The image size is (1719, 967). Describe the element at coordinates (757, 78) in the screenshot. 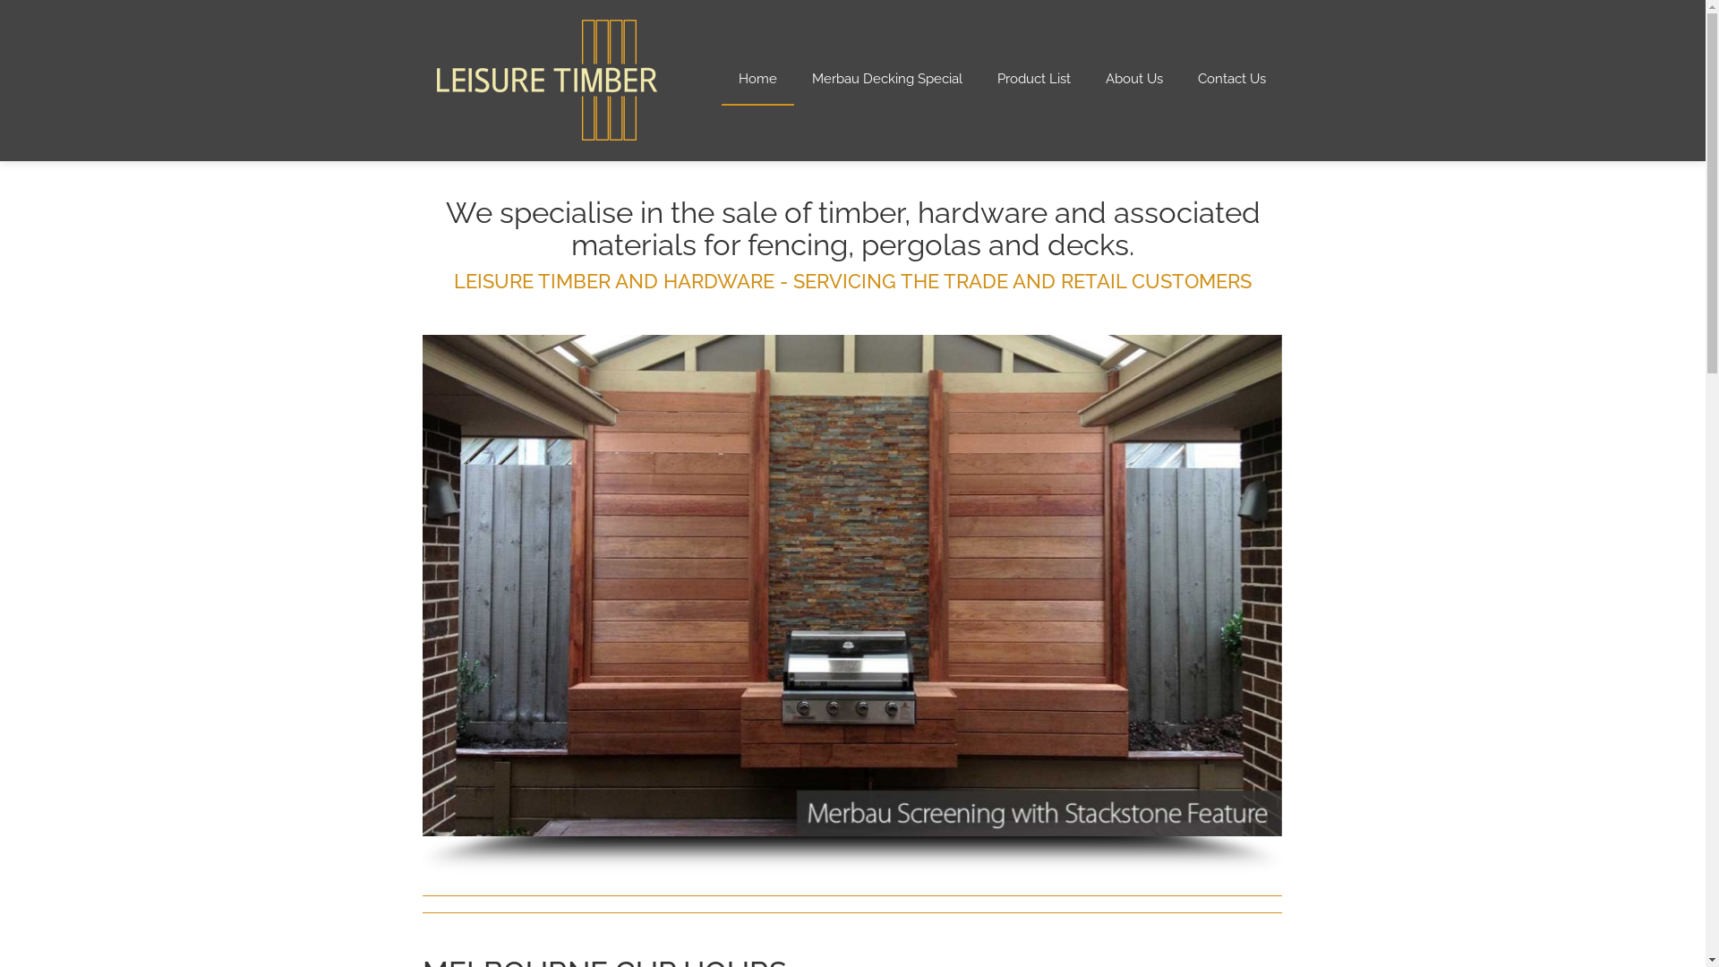

I see `'Home'` at that location.